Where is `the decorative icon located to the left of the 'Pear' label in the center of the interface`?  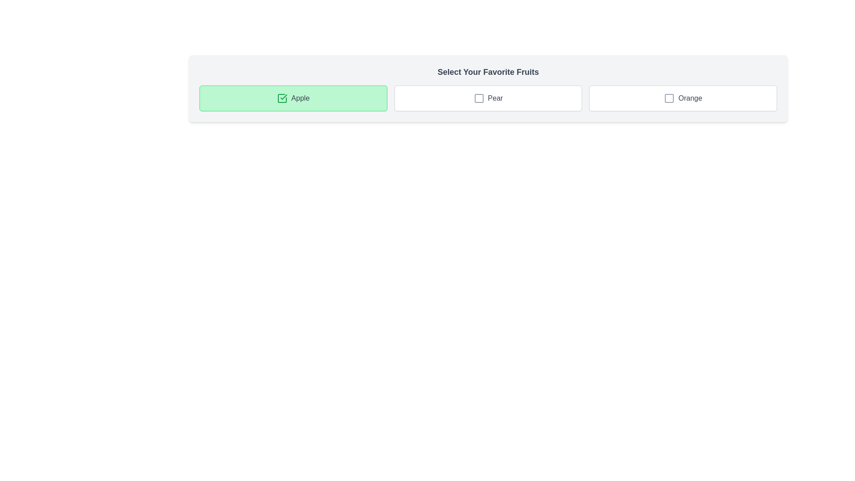 the decorative icon located to the left of the 'Pear' label in the center of the interface is located at coordinates (478, 98).